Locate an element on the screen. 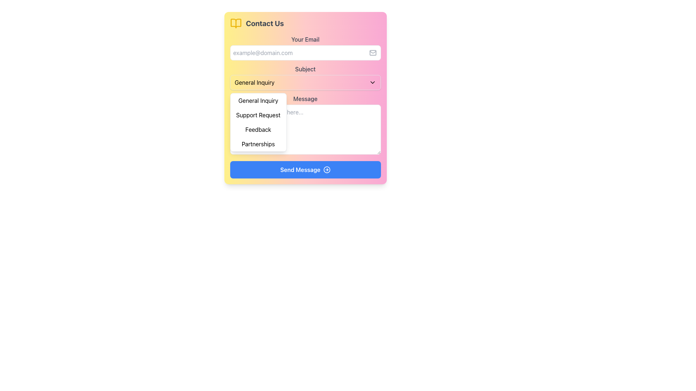  the 'General Inquiry' dropdown menu is located at coordinates (305, 82).